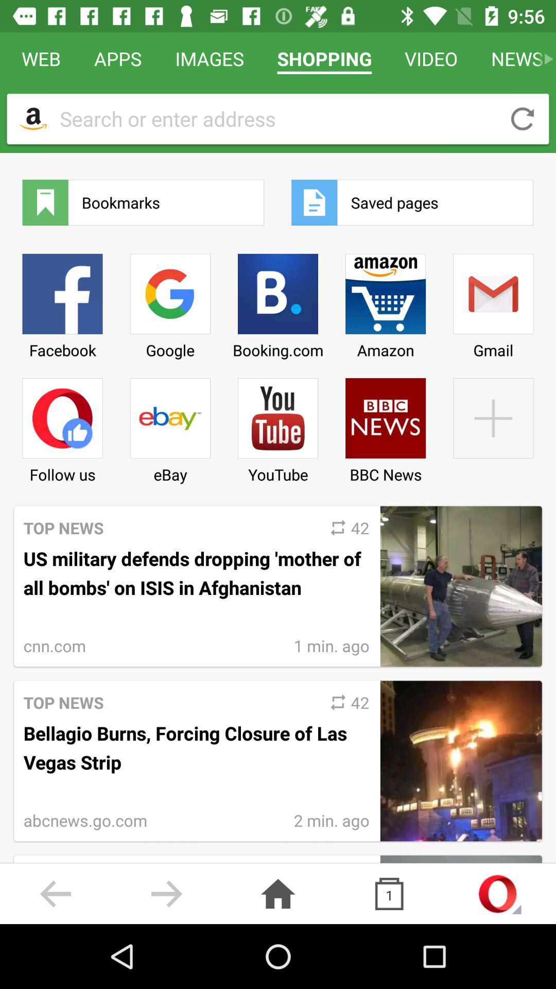  What do you see at coordinates (209, 58) in the screenshot?
I see `icon to the left of the shopping icon` at bounding box center [209, 58].